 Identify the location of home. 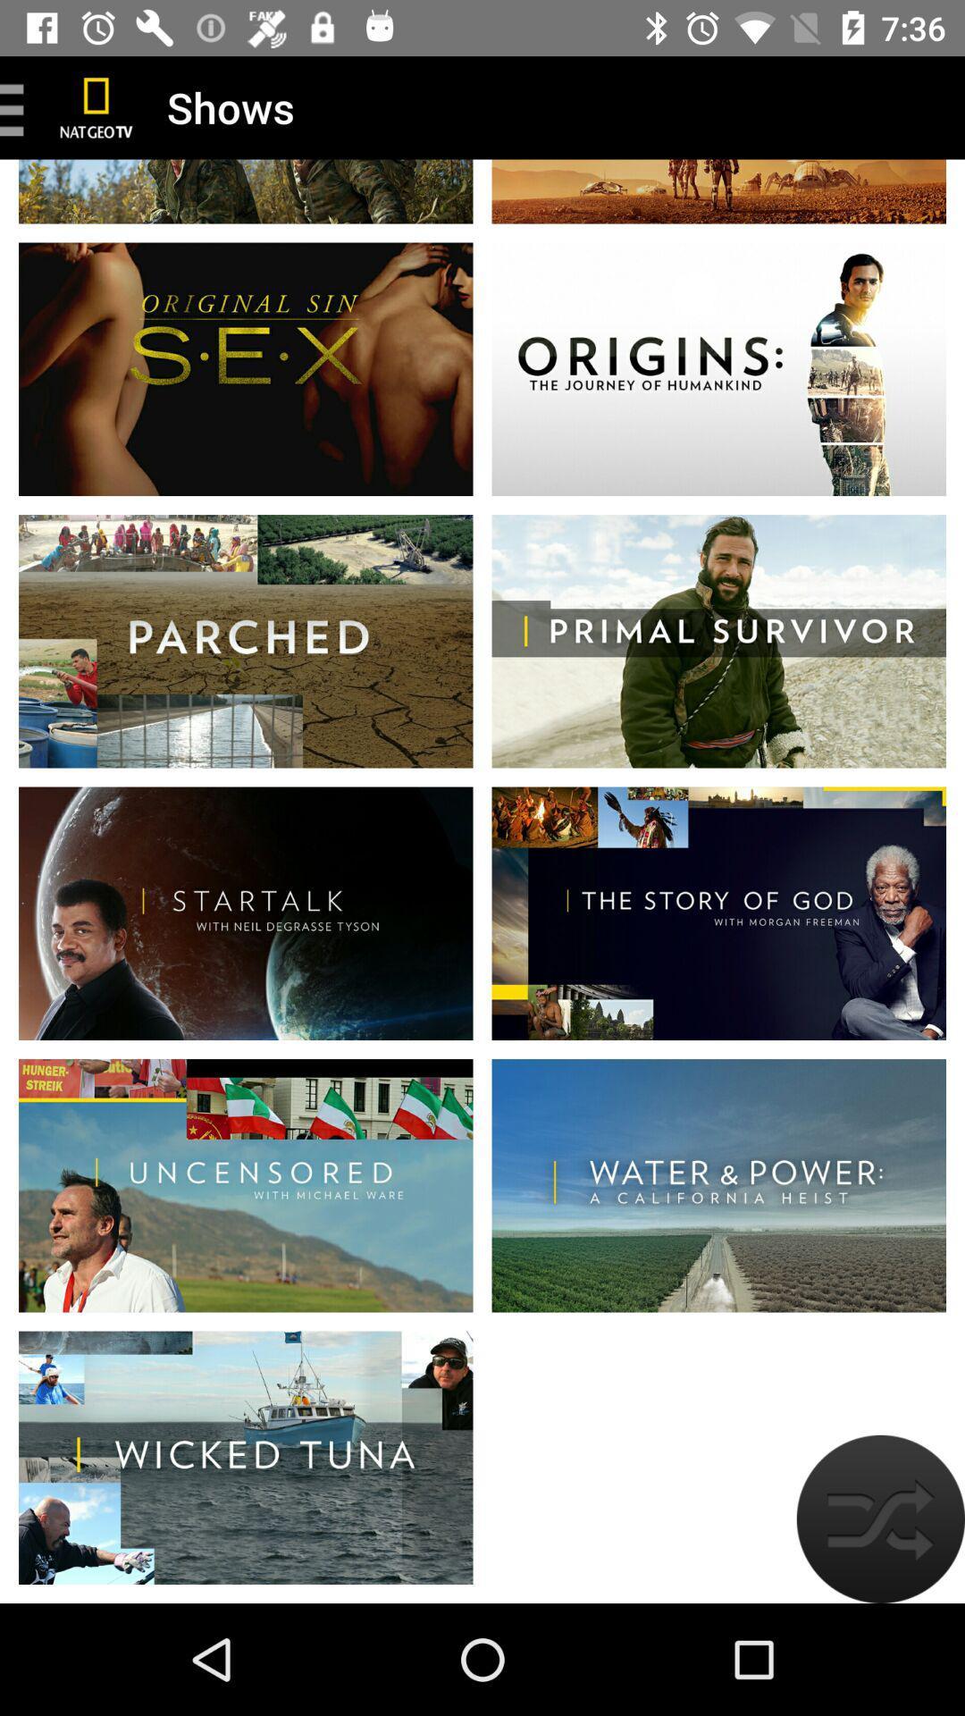
(96, 106).